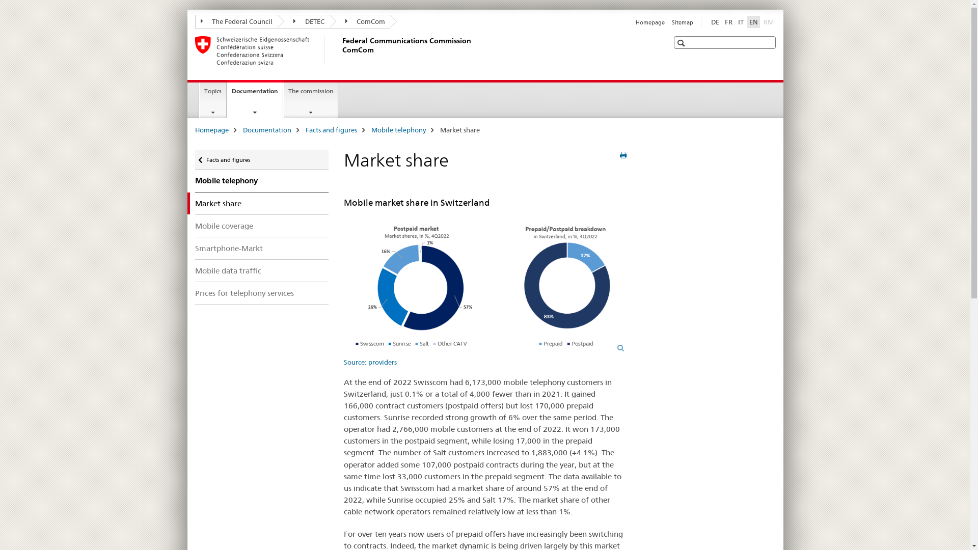  I want to click on 'Homepage', so click(649, 22).